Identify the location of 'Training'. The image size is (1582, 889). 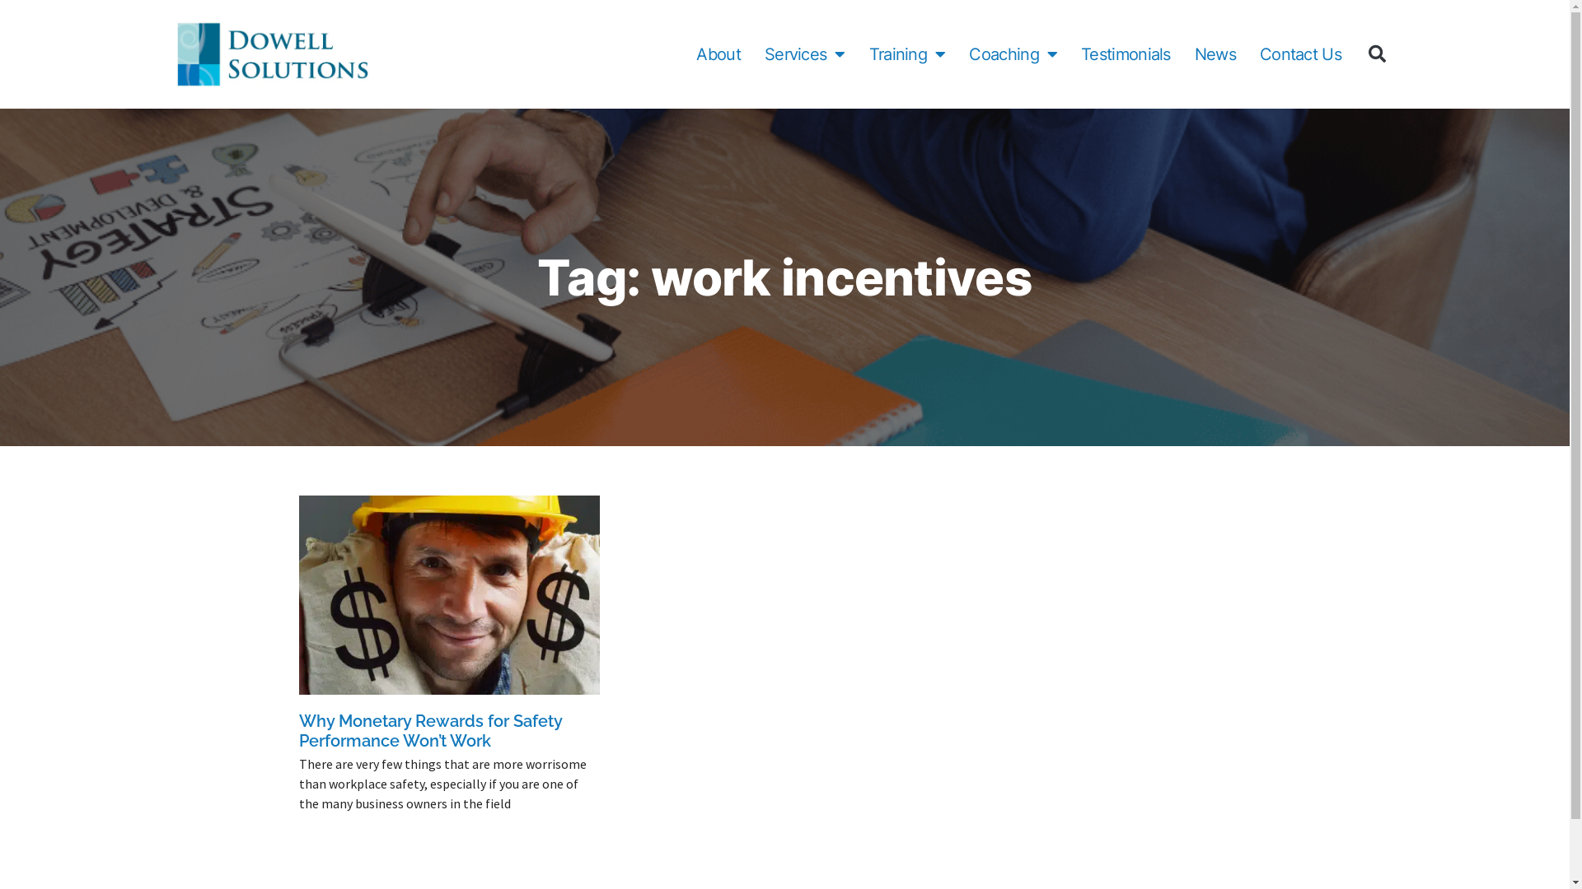
(906, 53).